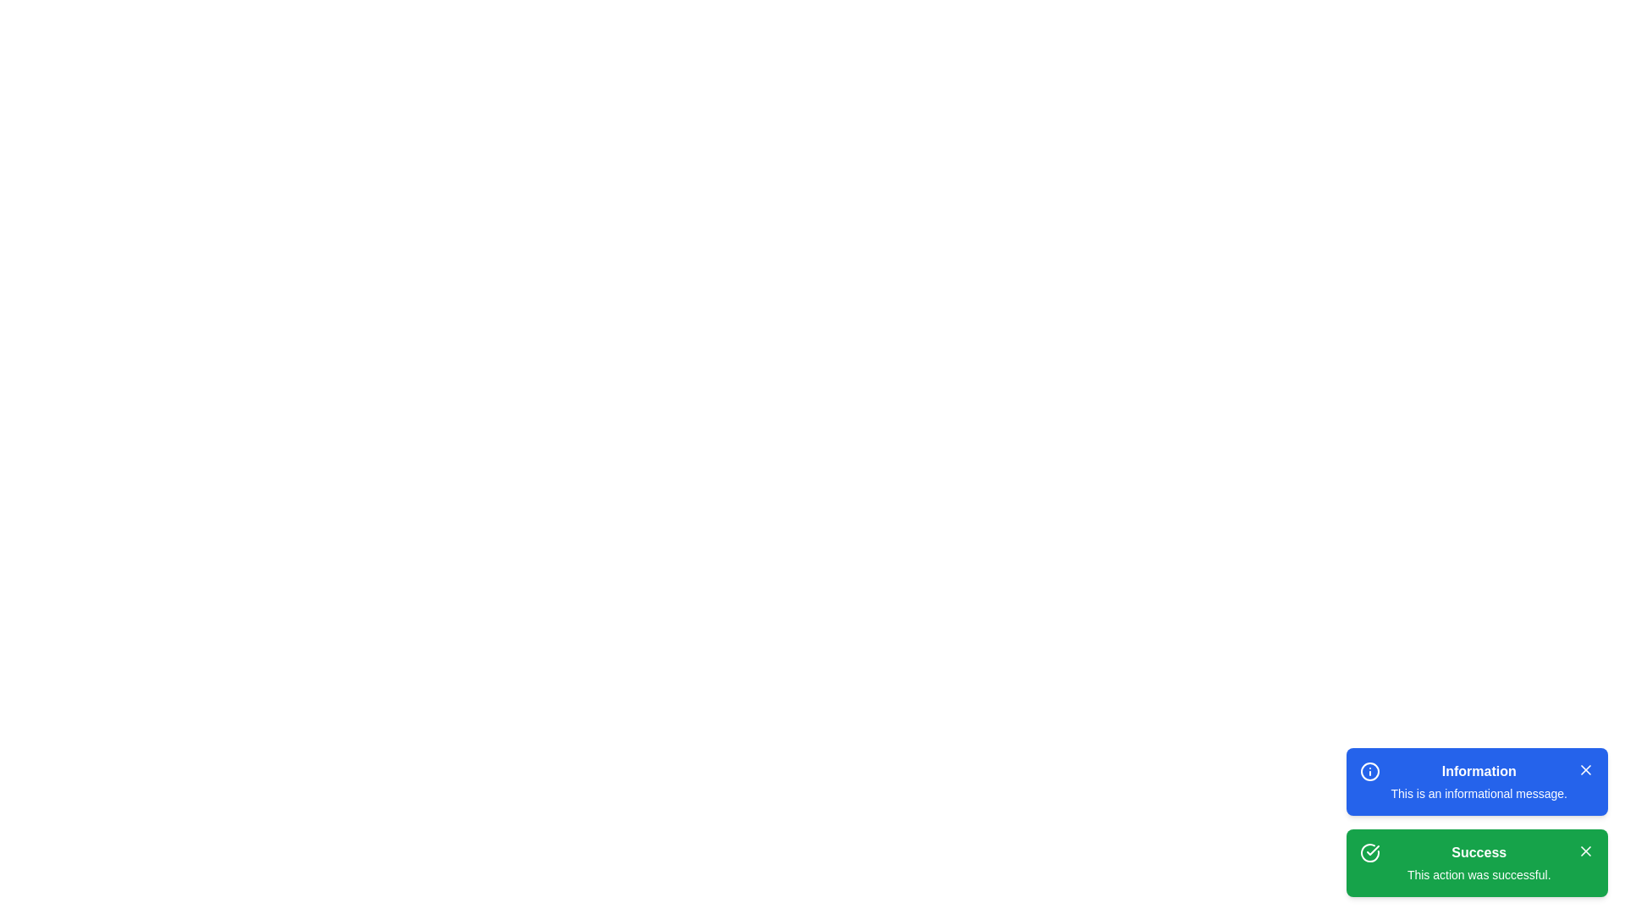 The height and width of the screenshot is (914, 1625). What do you see at coordinates (1584, 851) in the screenshot?
I see `the Close Button, which is a small white 'X' icon located in the top-right corner of a green notification box that displays a success message` at bounding box center [1584, 851].